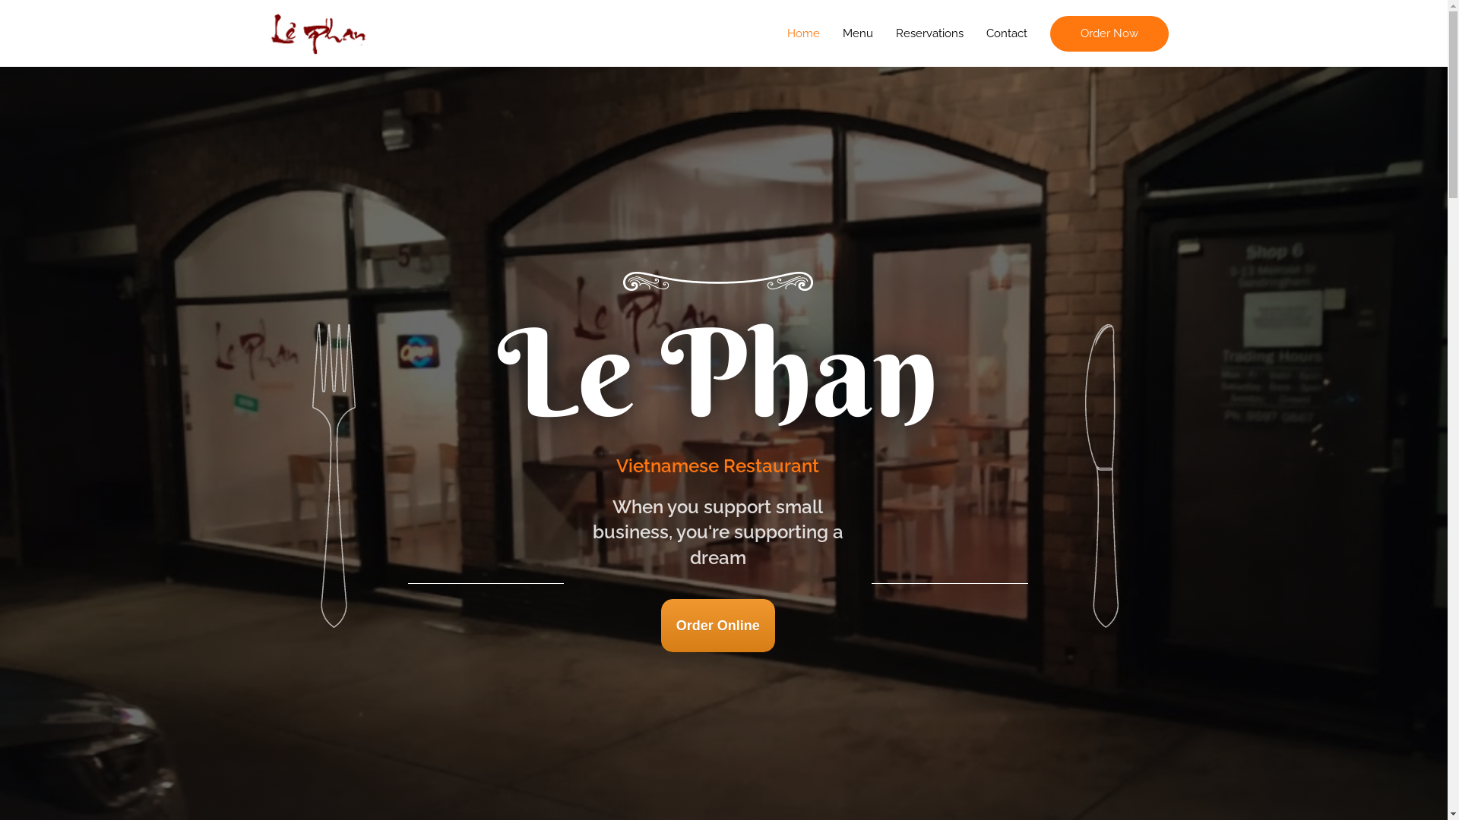 This screenshot has width=1459, height=820. What do you see at coordinates (884, 33) in the screenshot?
I see `'Reservations'` at bounding box center [884, 33].